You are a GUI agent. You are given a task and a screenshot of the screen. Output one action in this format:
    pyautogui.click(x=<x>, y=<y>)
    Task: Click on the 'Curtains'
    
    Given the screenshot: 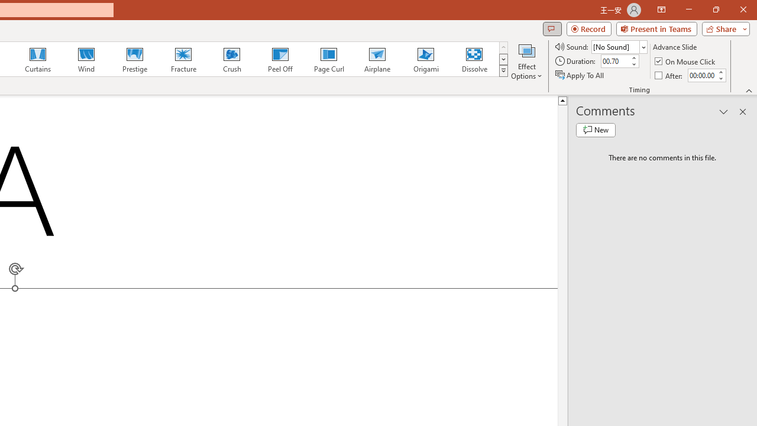 What is the action you would take?
    pyautogui.click(x=38, y=59)
    